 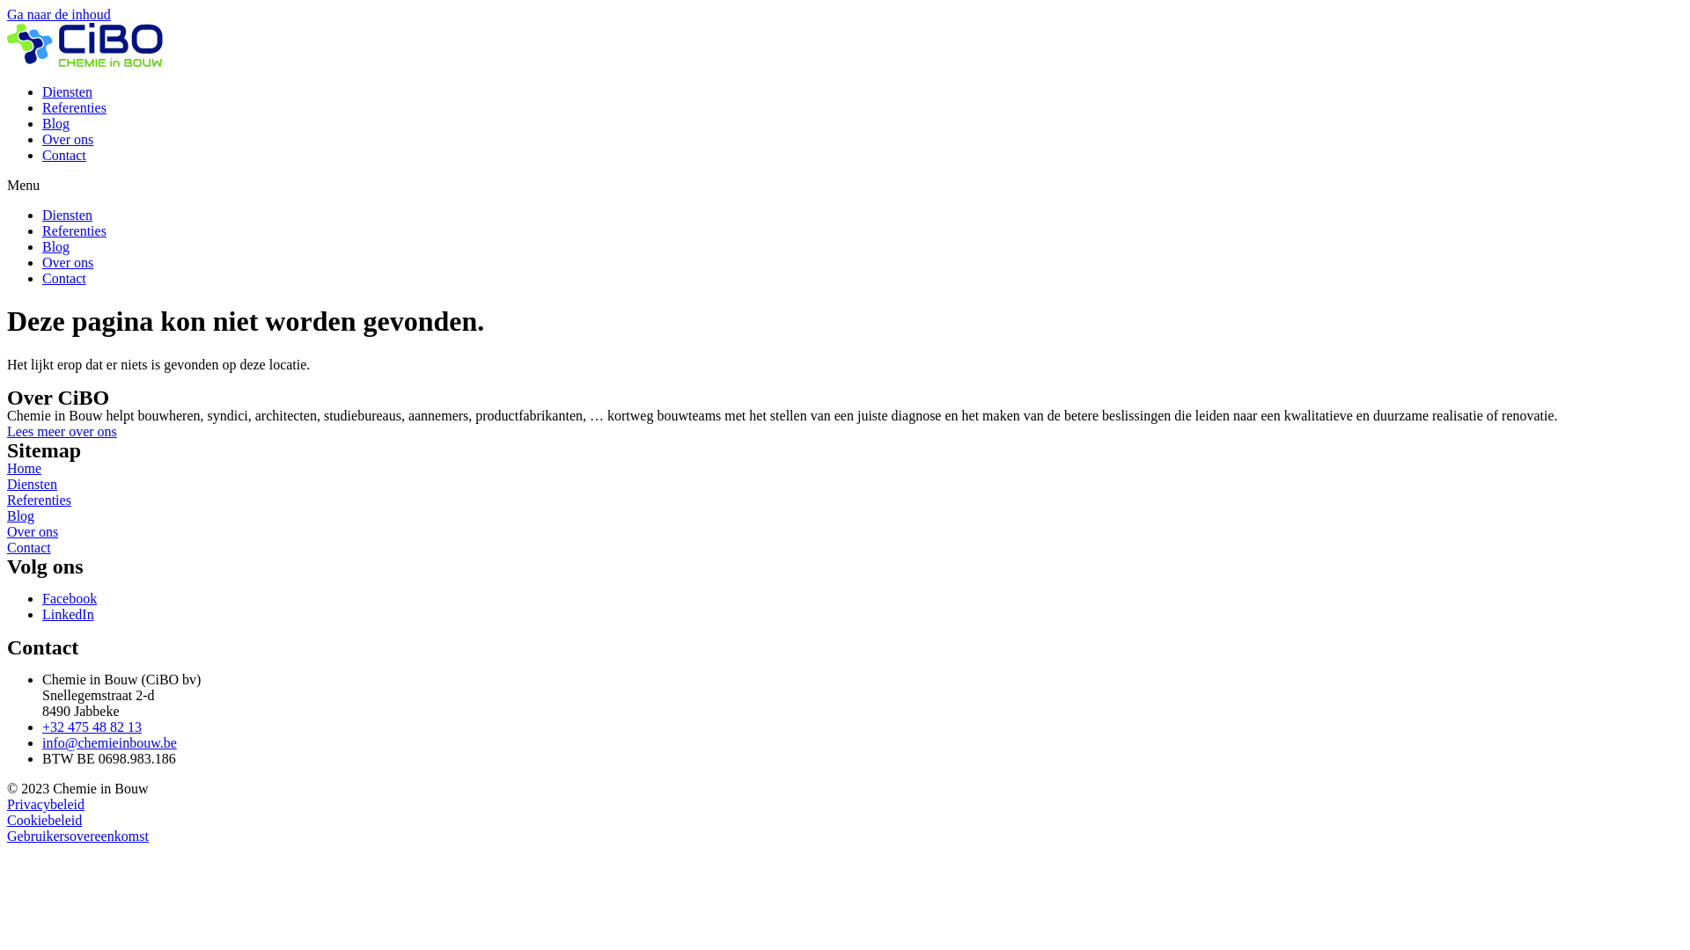 What do you see at coordinates (24, 467) in the screenshot?
I see `'Home'` at bounding box center [24, 467].